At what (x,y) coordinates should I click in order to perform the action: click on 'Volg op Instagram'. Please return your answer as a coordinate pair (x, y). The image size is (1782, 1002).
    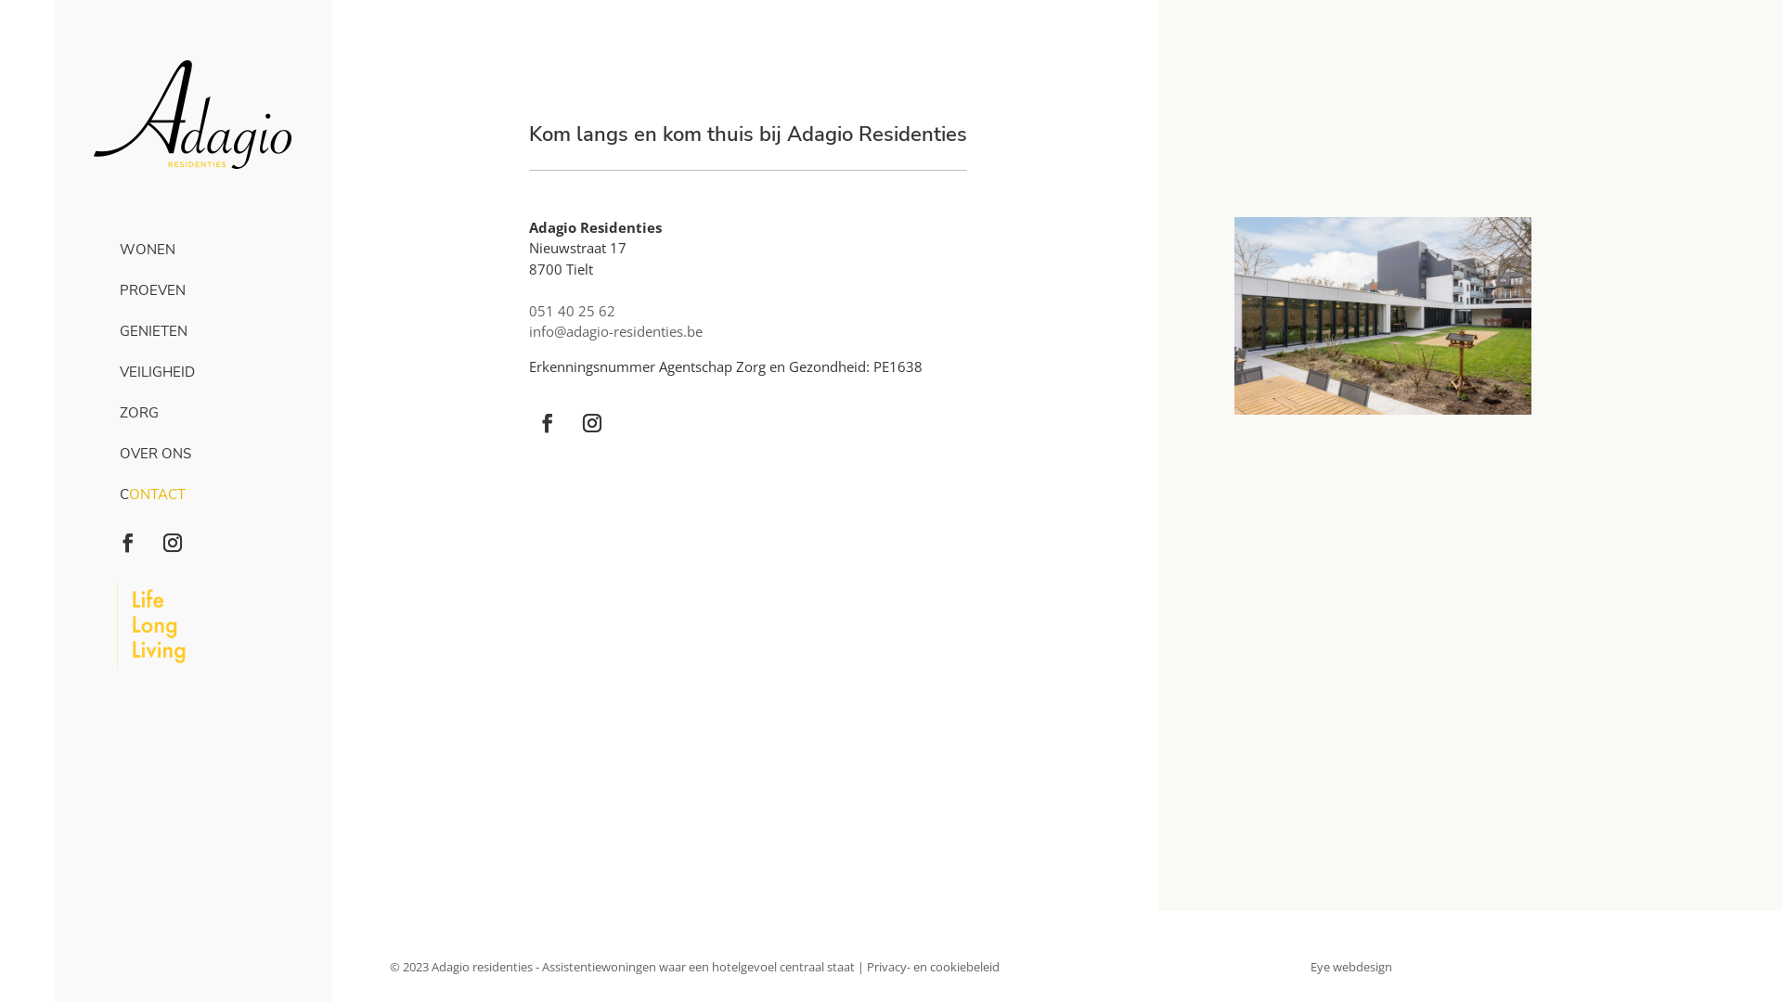
    Looking at the image, I should click on (591, 422).